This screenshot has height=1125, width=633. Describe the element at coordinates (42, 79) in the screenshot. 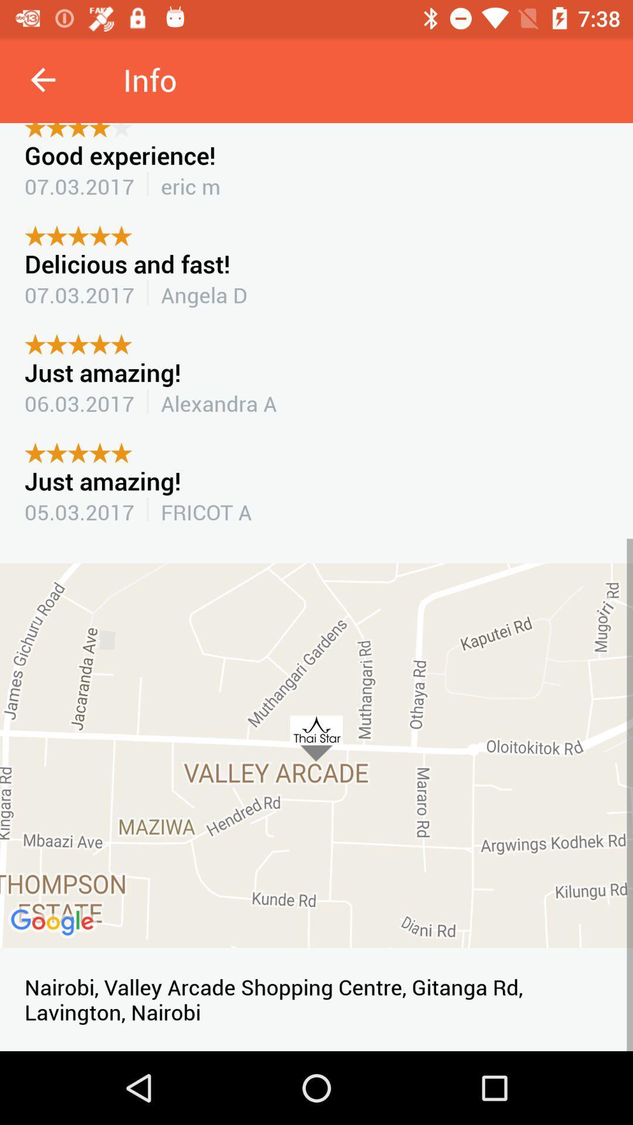

I see `the icon next to info` at that location.